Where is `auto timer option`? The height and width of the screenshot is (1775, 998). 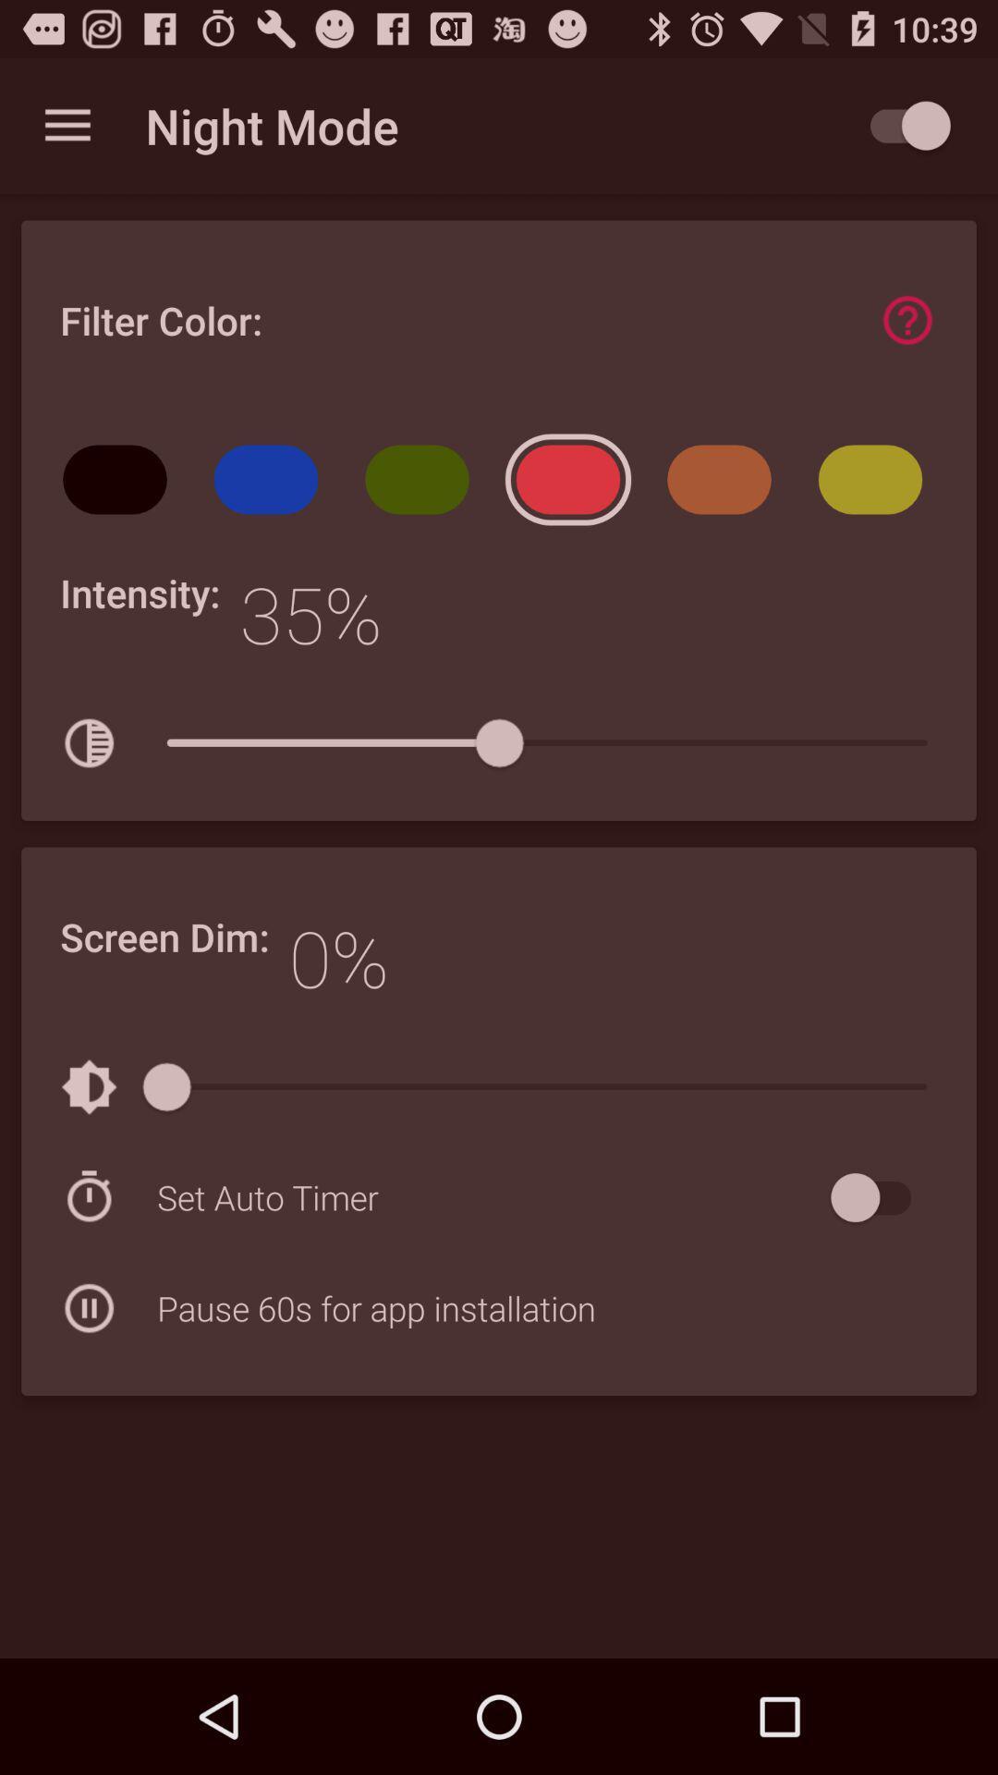 auto timer option is located at coordinates (879, 1197).